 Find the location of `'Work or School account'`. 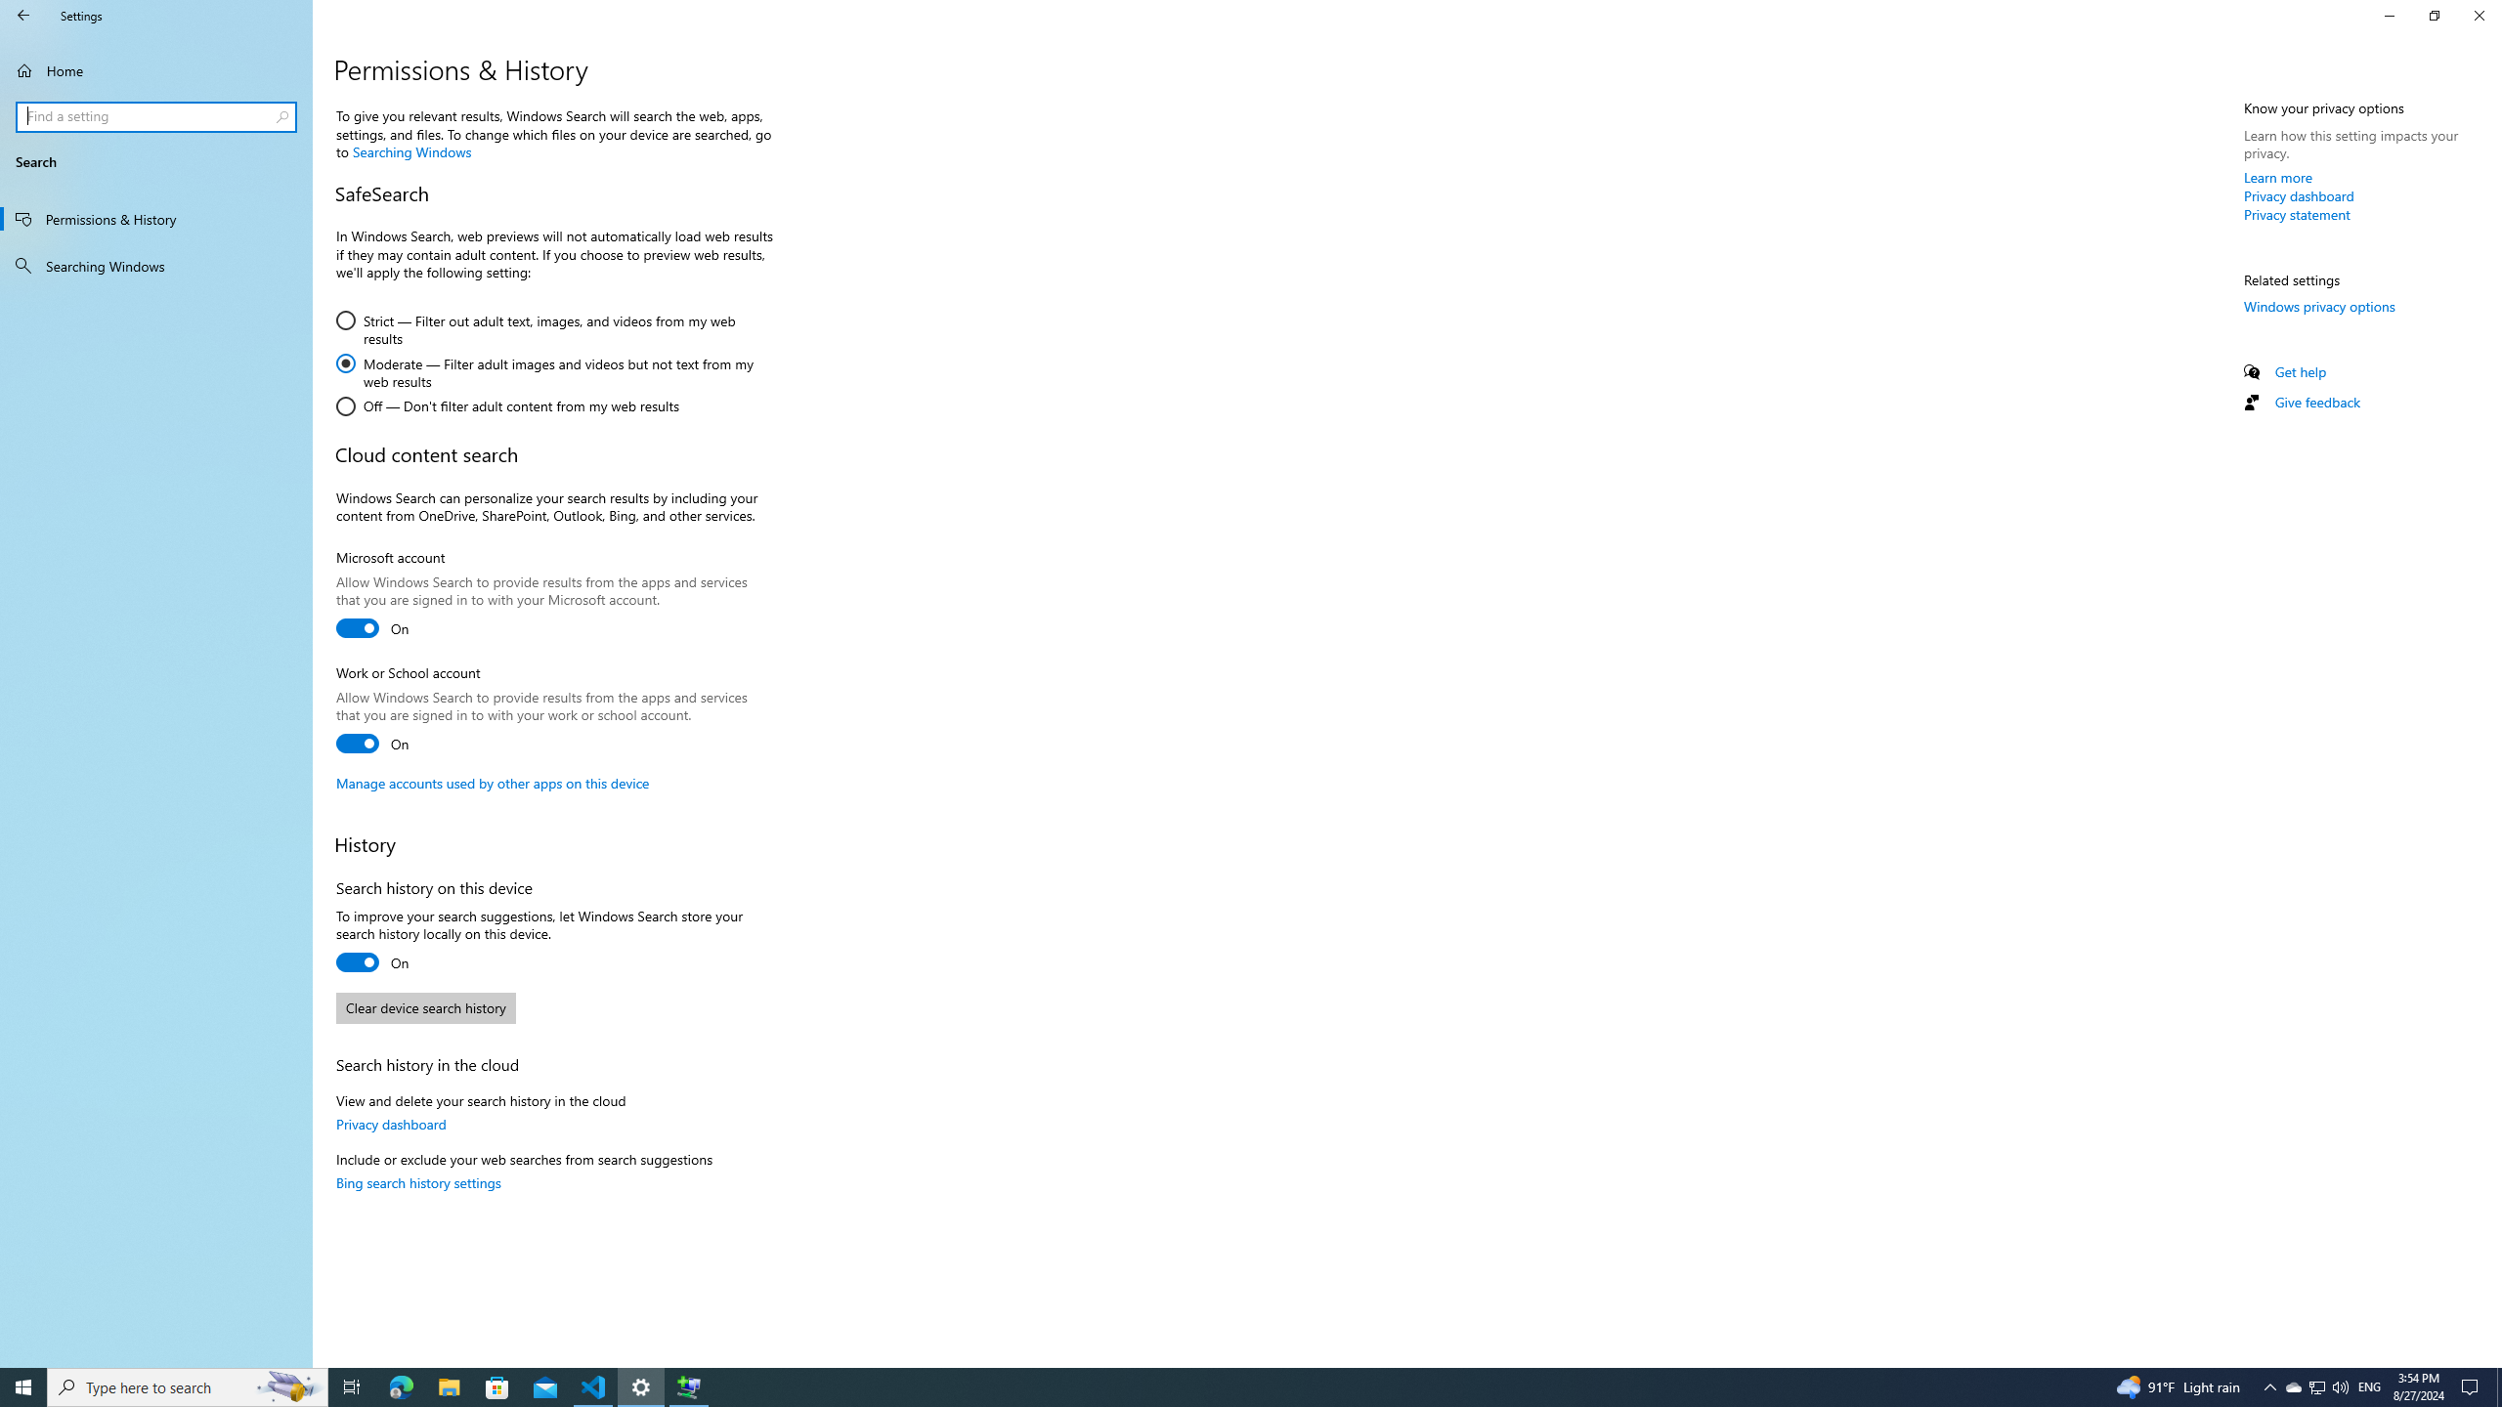

'Work or School account' is located at coordinates (371, 744).